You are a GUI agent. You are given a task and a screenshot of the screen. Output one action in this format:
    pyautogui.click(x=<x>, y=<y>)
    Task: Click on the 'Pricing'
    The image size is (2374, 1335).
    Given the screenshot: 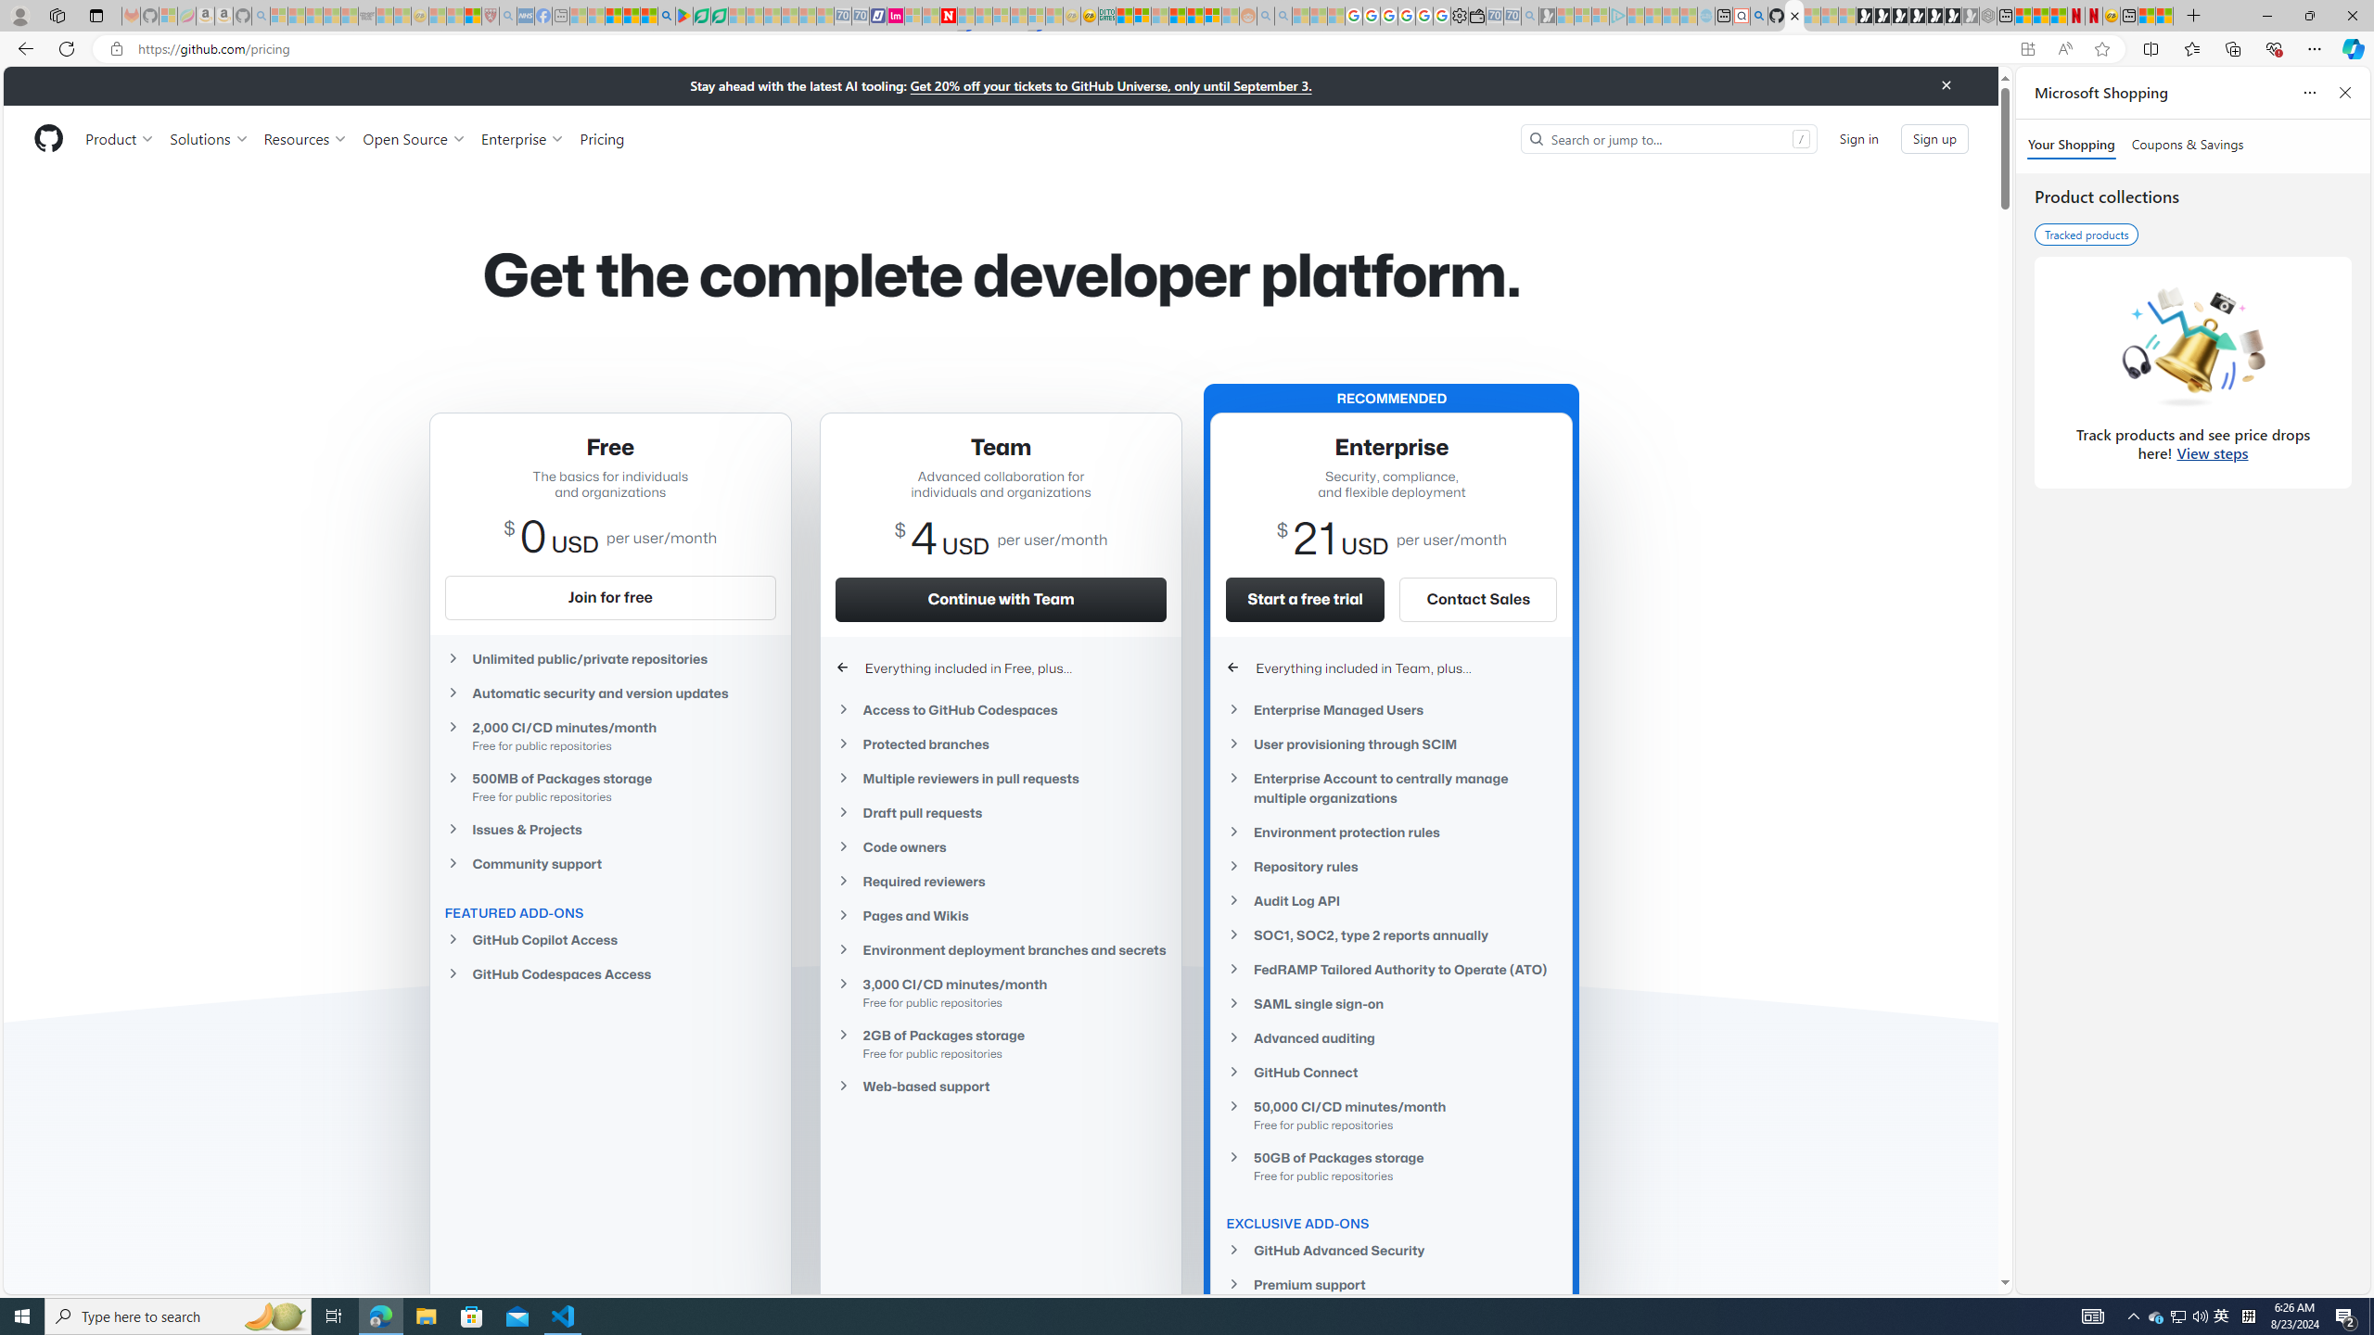 What is the action you would take?
    pyautogui.click(x=601, y=138)
    